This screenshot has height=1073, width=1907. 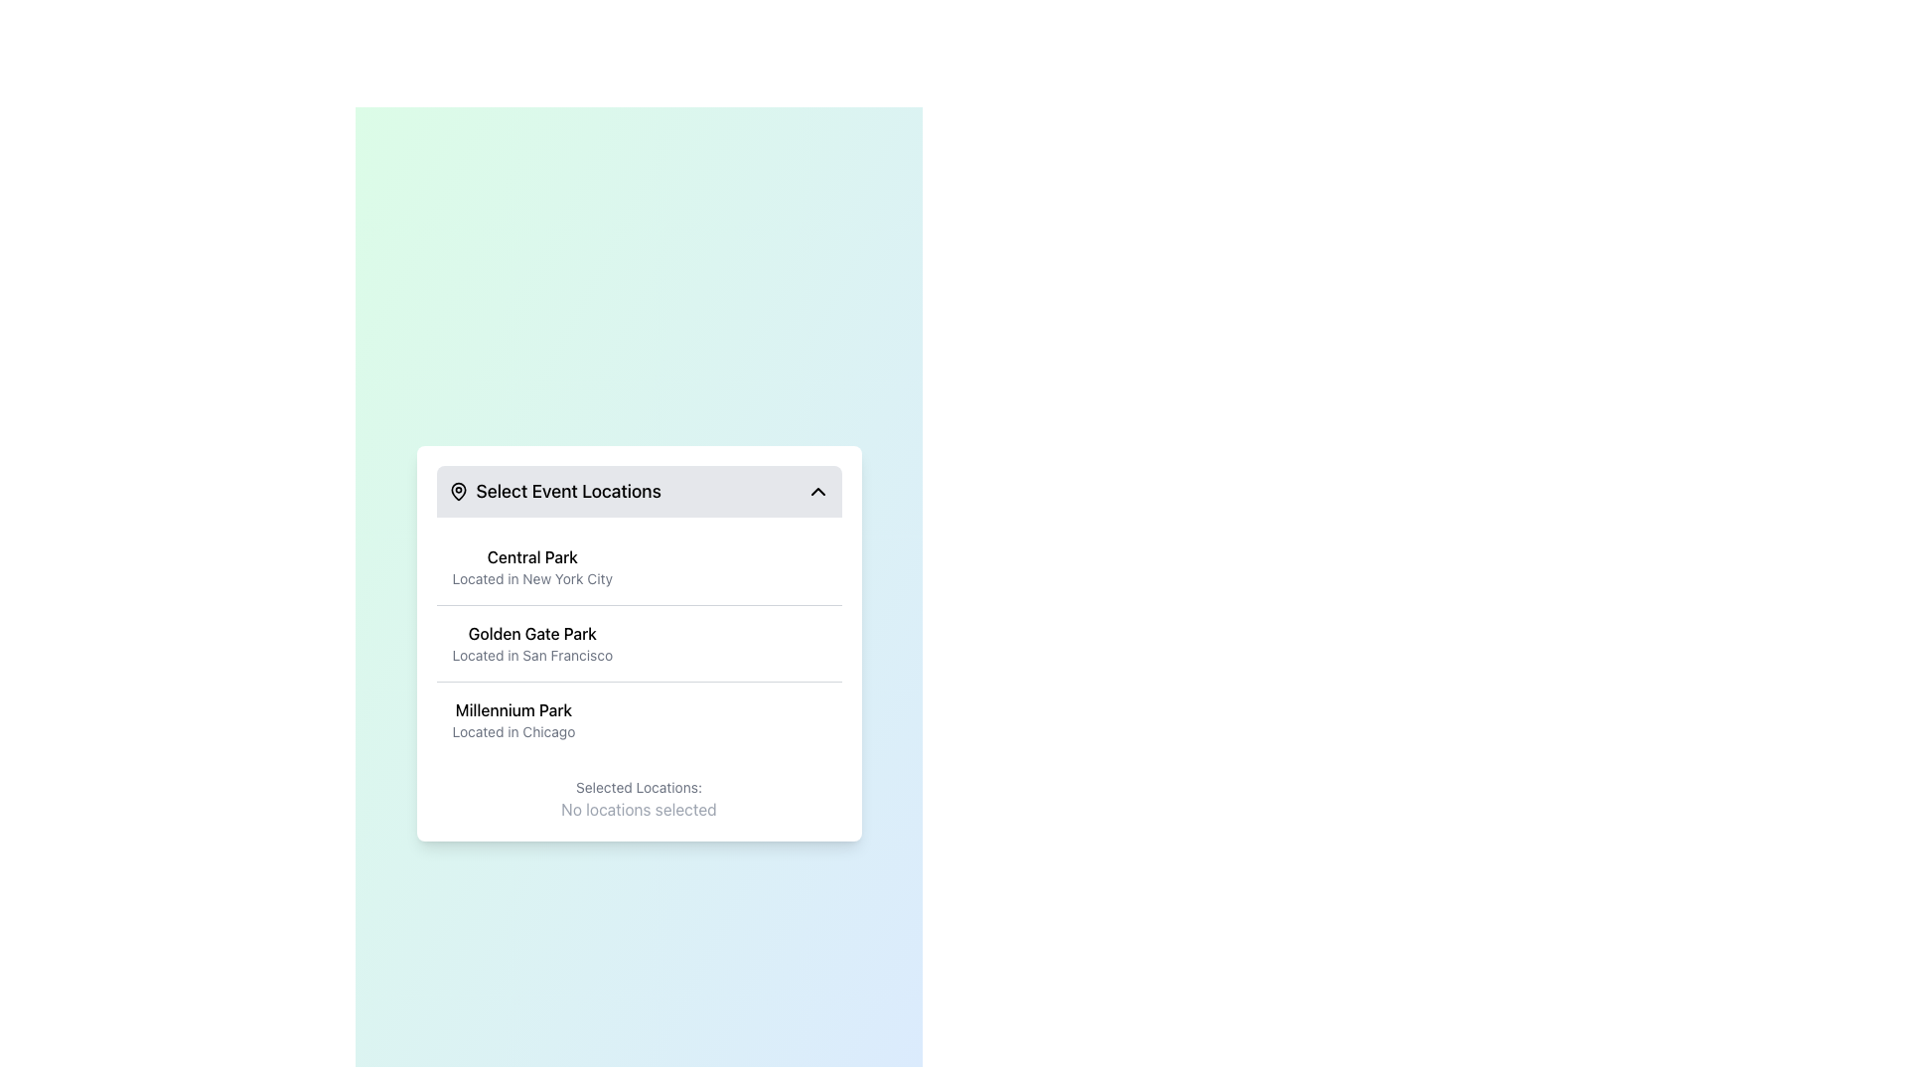 What do you see at coordinates (639, 787) in the screenshot?
I see `the static text label displaying 'Selected Locations:' which is styled with a small gray font and located within the white card interface labeled 'Select Event Locations'` at bounding box center [639, 787].